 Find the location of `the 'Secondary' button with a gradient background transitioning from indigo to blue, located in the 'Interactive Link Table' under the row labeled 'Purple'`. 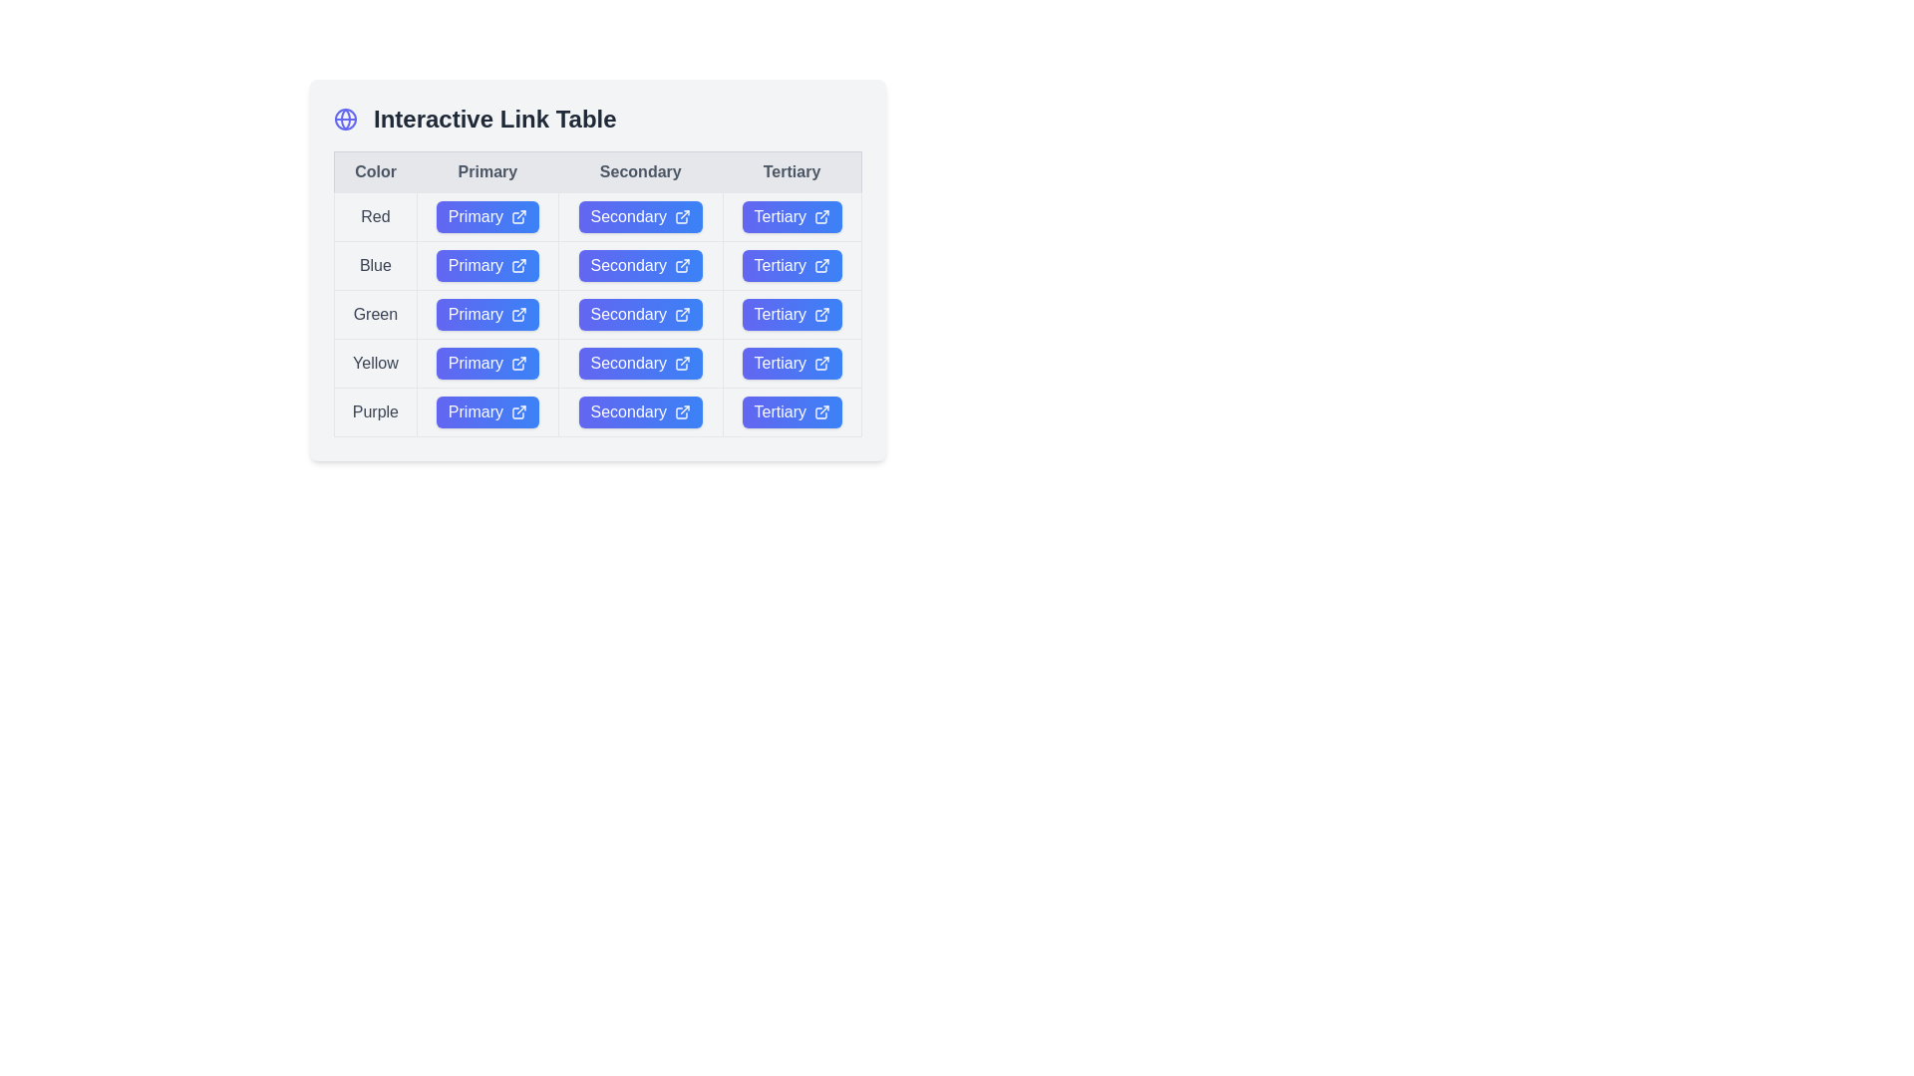

the 'Secondary' button with a gradient background transitioning from indigo to blue, located in the 'Interactive Link Table' under the row labeled 'Purple' is located at coordinates (640, 410).